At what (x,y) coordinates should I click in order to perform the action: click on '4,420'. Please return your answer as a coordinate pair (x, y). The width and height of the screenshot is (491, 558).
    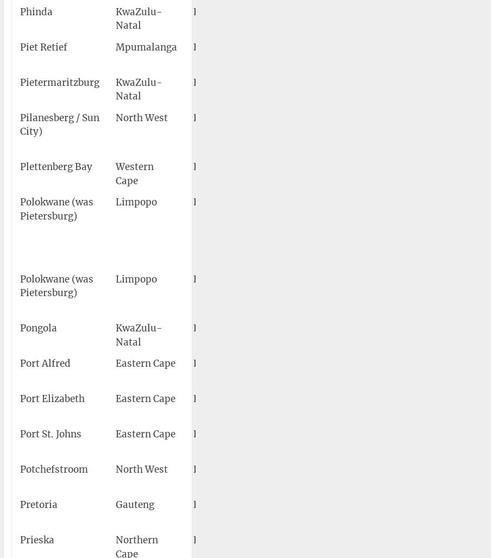
    Looking at the image, I should click on (468, 46).